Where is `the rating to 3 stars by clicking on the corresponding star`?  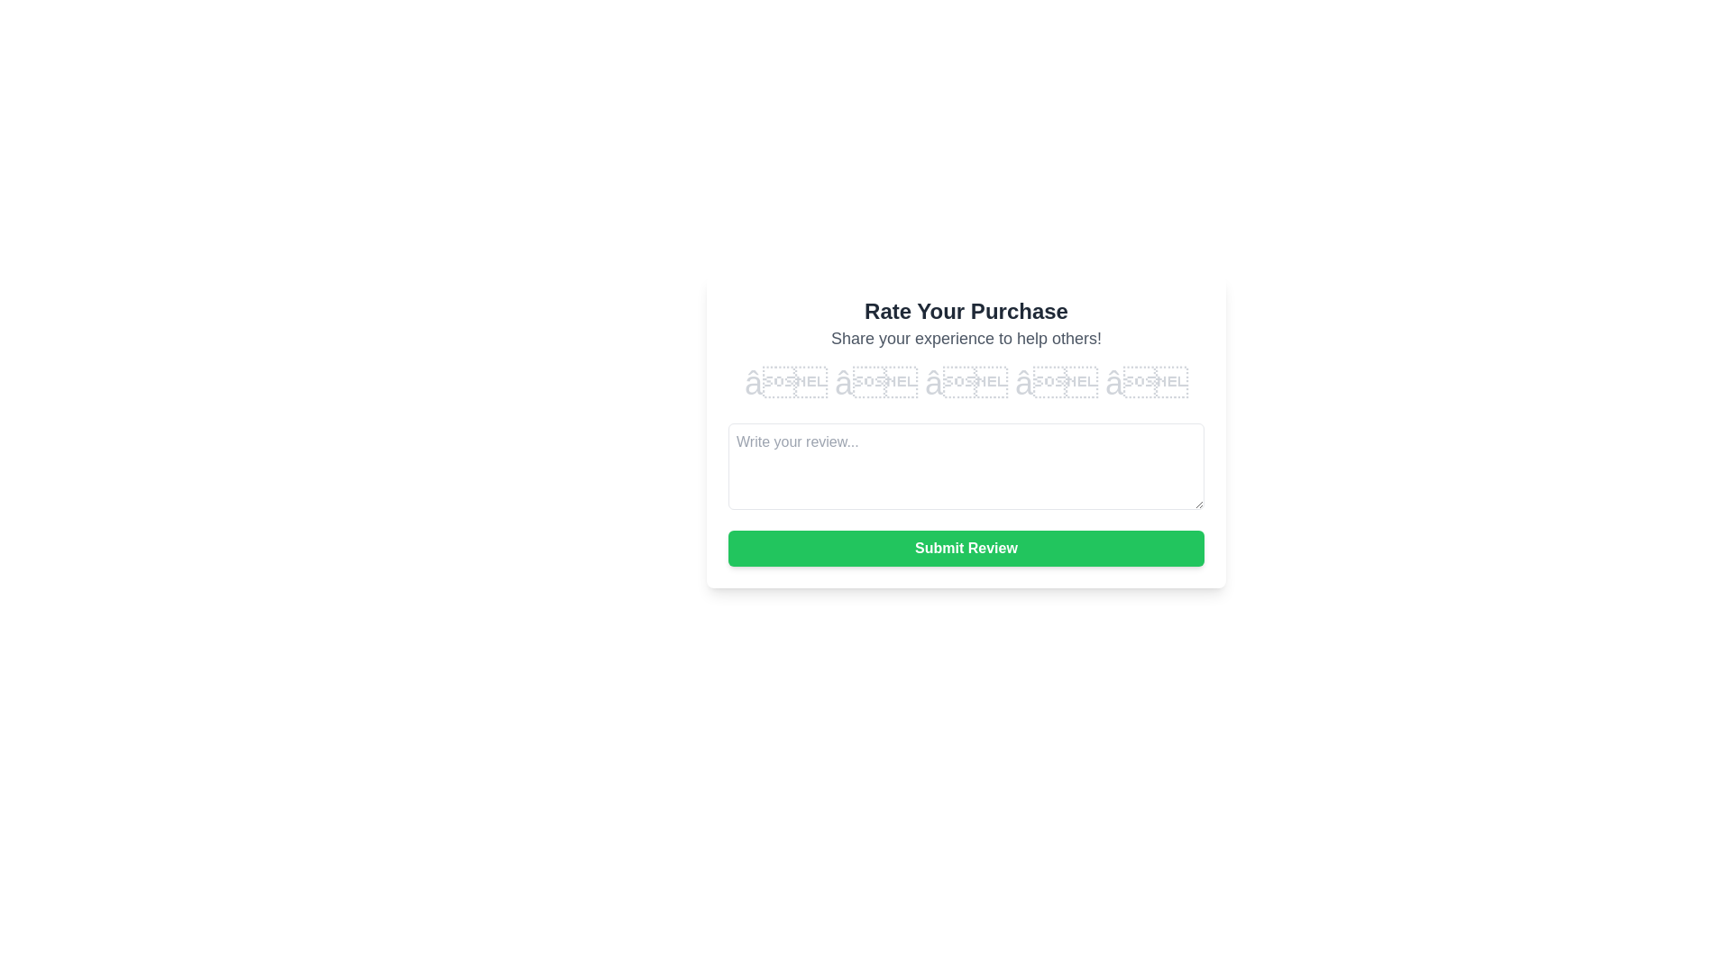
the rating to 3 stars by clicking on the corresponding star is located at coordinates (965, 382).